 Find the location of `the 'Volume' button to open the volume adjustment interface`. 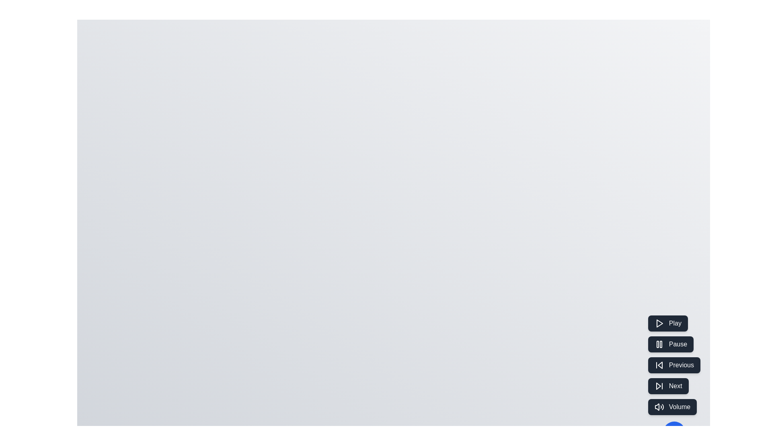

the 'Volume' button to open the volume adjustment interface is located at coordinates (672, 407).